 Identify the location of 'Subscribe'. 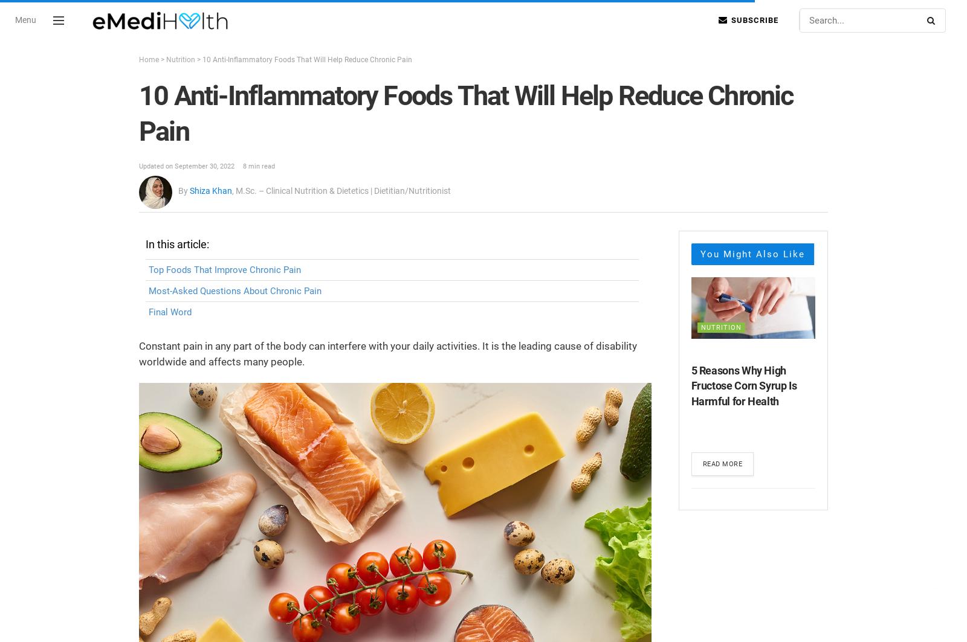
(753, 20).